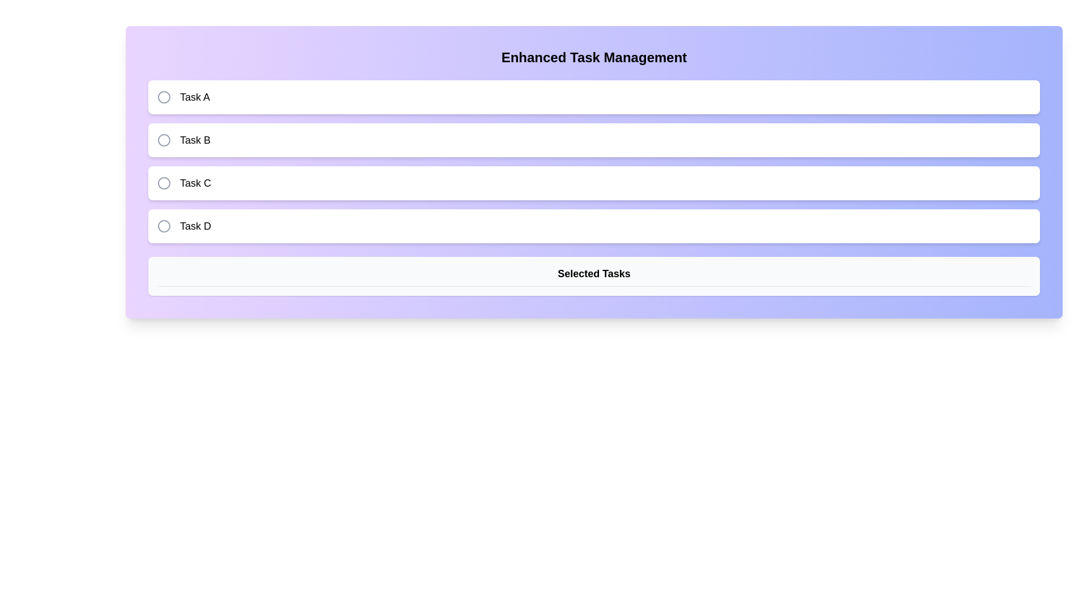 Image resolution: width=1087 pixels, height=611 pixels. I want to click on the radio button (checkable circle) associated with 'Task B' for interactivity feedback, so click(163, 139).